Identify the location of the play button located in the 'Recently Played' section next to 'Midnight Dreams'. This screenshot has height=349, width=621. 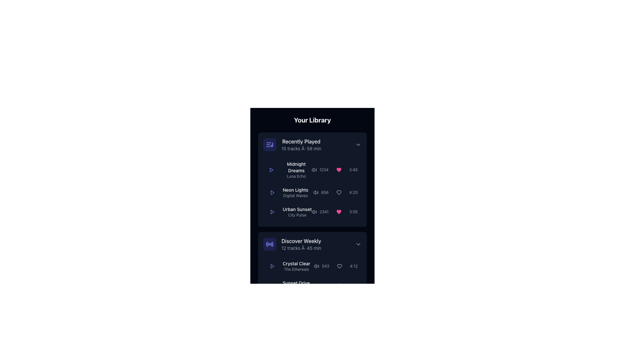
(271, 169).